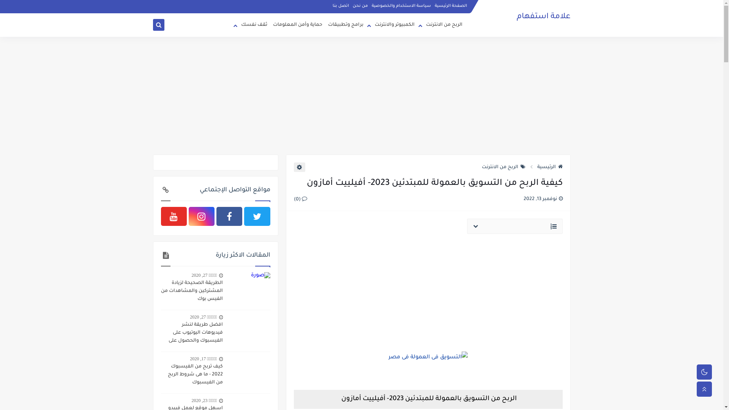  What do you see at coordinates (257, 216) in the screenshot?
I see `'twitter'` at bounding box center [257, 216].